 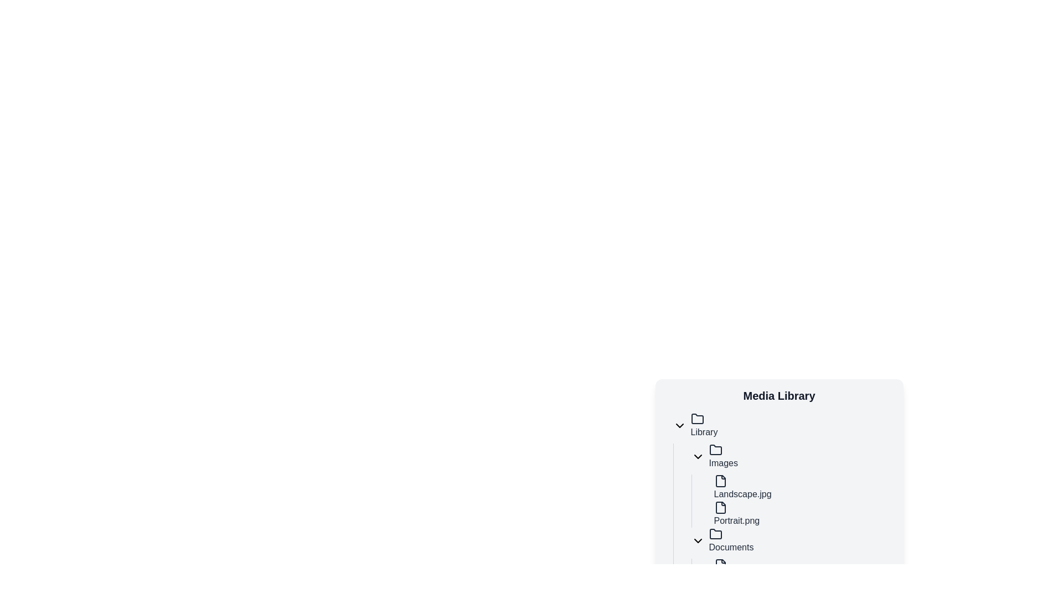 I want to click on the text label 'Library' which is styled in gray color and located beneath a folder icon in the media library interface, so click(x=704, y=425).